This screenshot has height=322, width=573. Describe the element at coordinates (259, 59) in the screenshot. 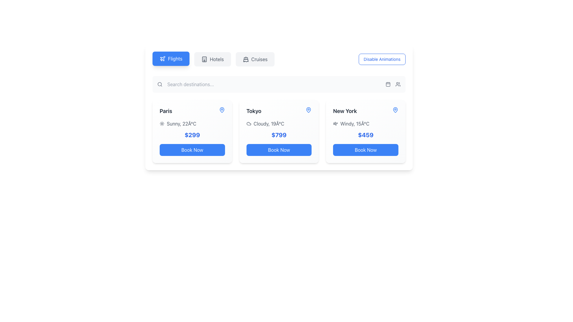

I see `the Text label representing the cruises category in the horizontal navigation menu, positioned between the 'Hotels' label and a section separator` at that location.